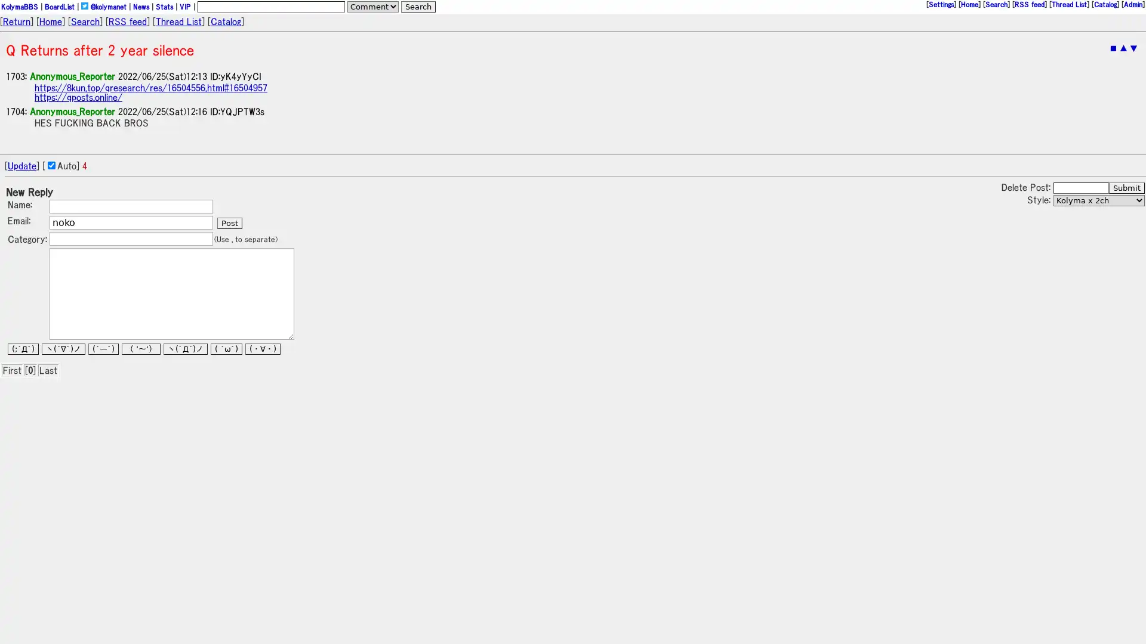 Image resolution: width=1146 pixels, height=644 pixels. I want to click on ( `), so click(63, 349).